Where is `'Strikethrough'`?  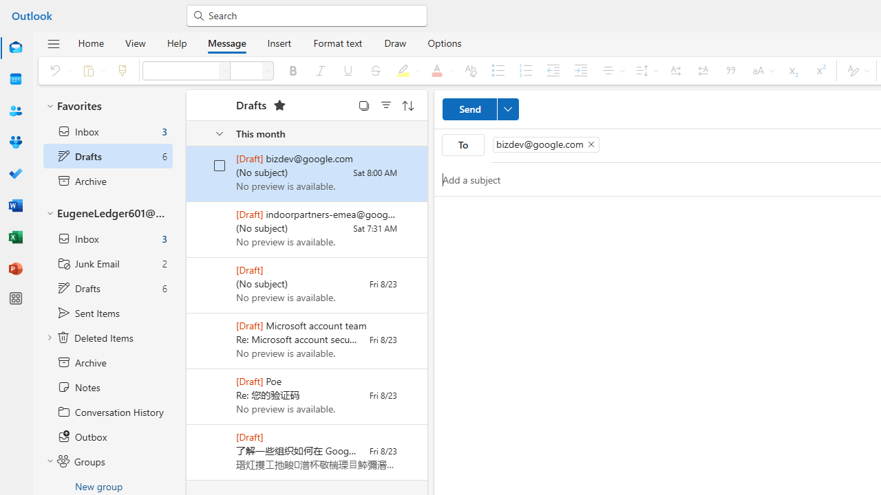 'Strikethrough' is located at coordinates (375, 70).